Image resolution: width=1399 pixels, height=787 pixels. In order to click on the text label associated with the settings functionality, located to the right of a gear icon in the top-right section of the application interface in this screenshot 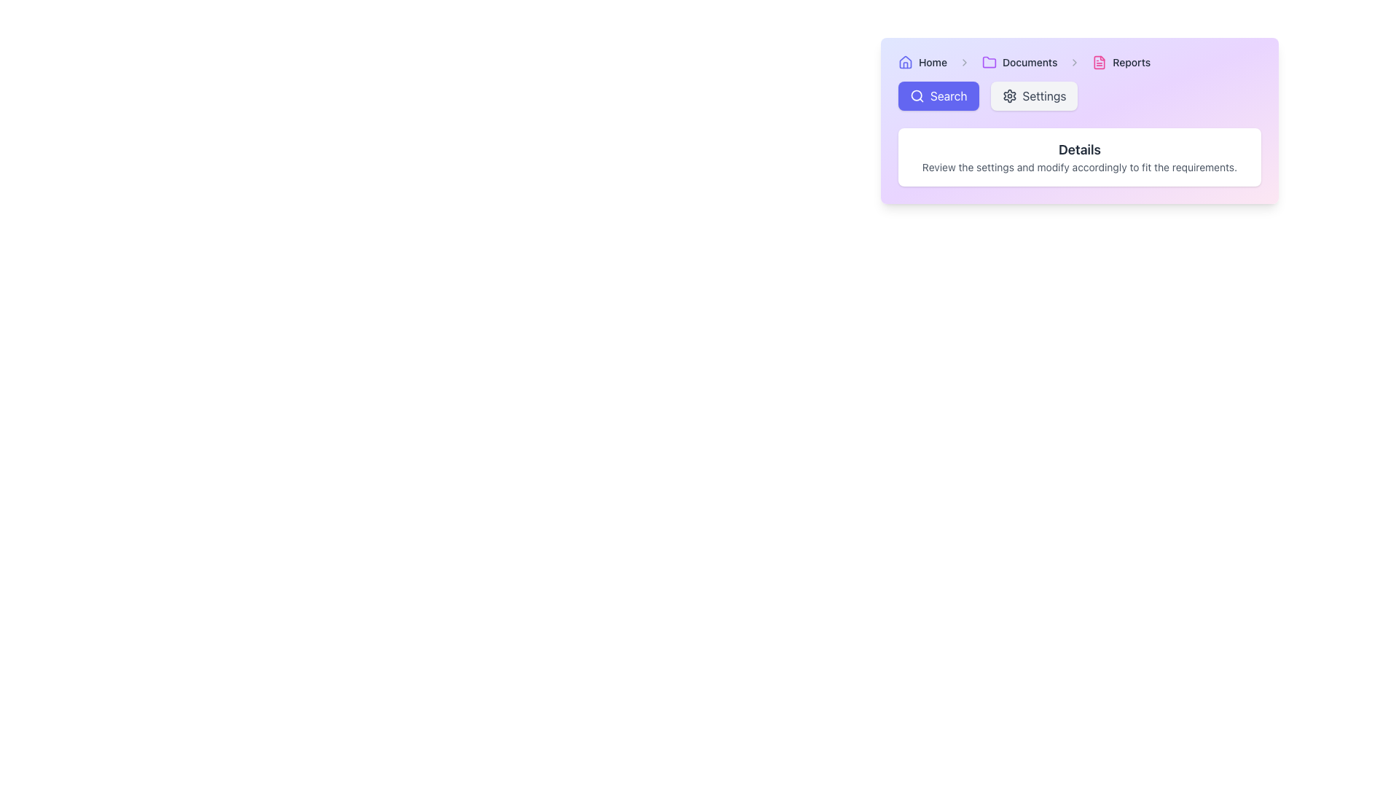, I will do `click(1043, 95)`.